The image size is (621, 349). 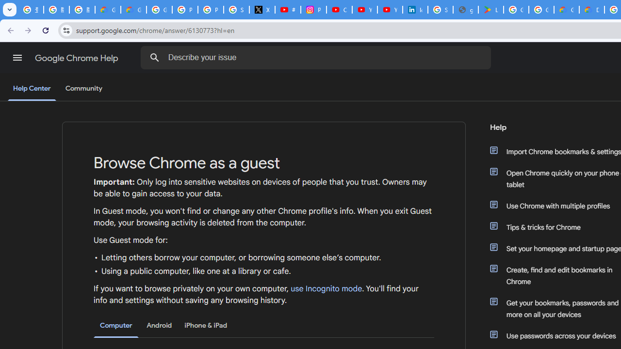 What do you see at coordinates (9, 30) in the screenshot?
I see `'Back'` at bounding box center [9, 30].